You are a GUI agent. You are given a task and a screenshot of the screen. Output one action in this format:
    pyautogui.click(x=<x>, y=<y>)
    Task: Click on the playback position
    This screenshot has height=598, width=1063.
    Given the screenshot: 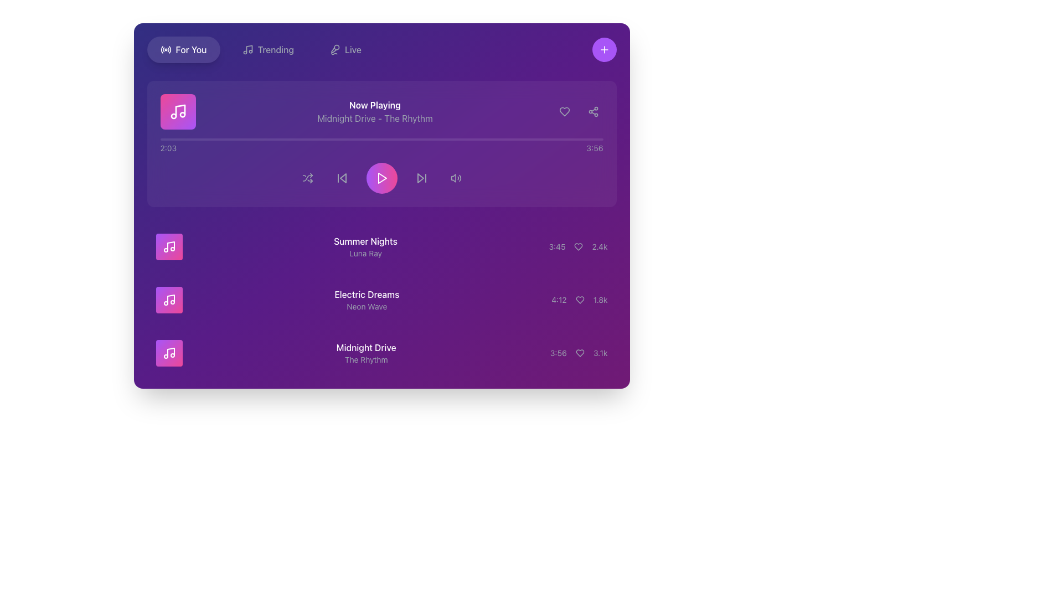 What is the action you would take?
    pyautogui.click(x=240, y=138)
    